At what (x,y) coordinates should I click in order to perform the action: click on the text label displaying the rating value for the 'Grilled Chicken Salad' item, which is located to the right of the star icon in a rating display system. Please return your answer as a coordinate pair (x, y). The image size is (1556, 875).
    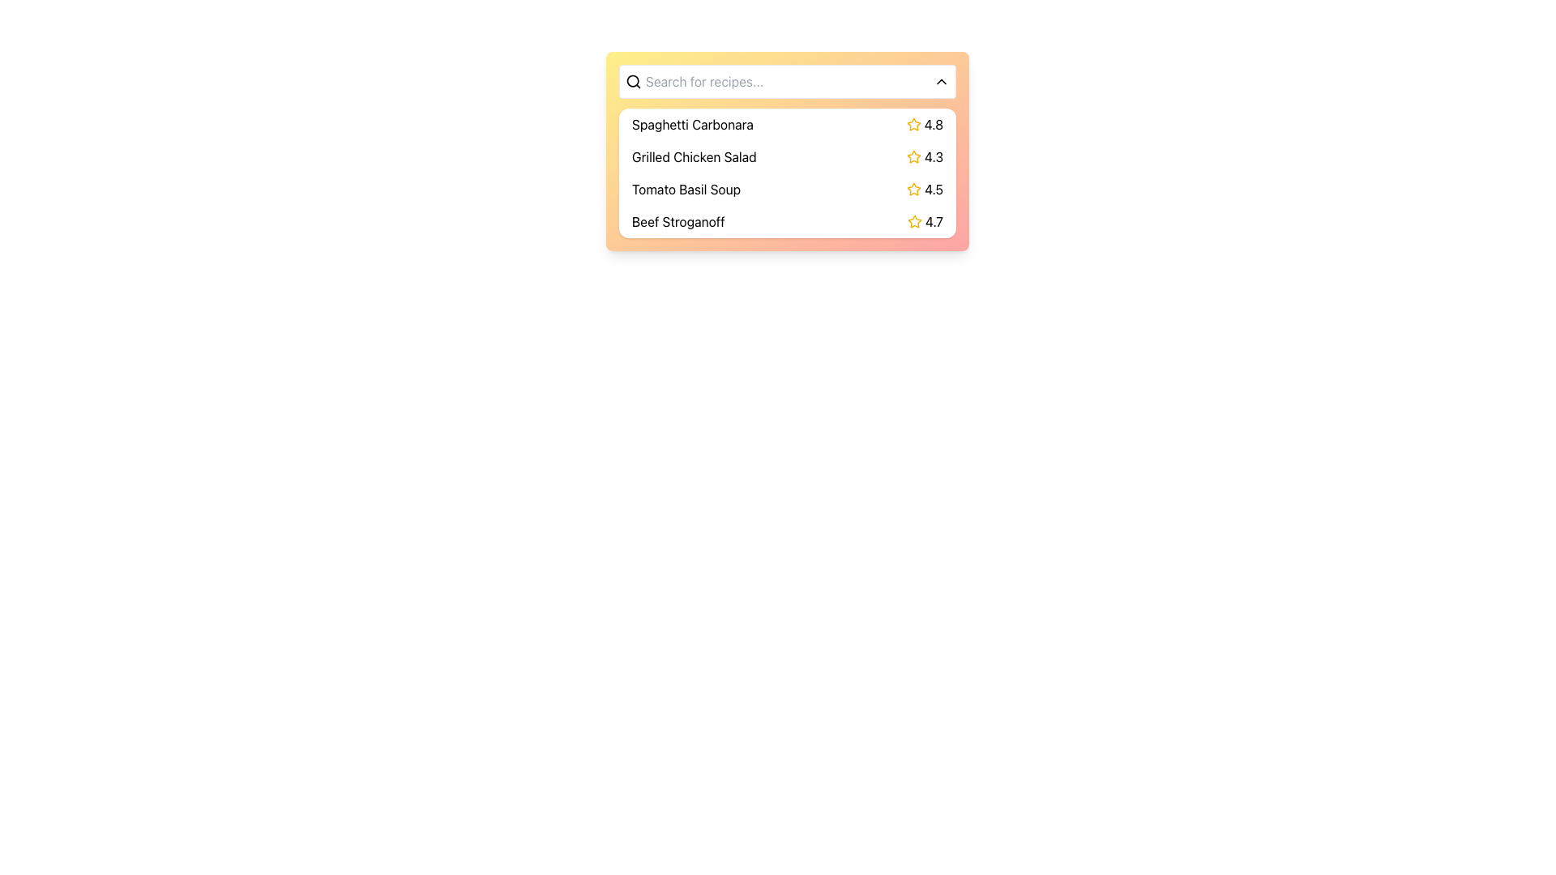
    Looking at the image, I should click on (925, 156).